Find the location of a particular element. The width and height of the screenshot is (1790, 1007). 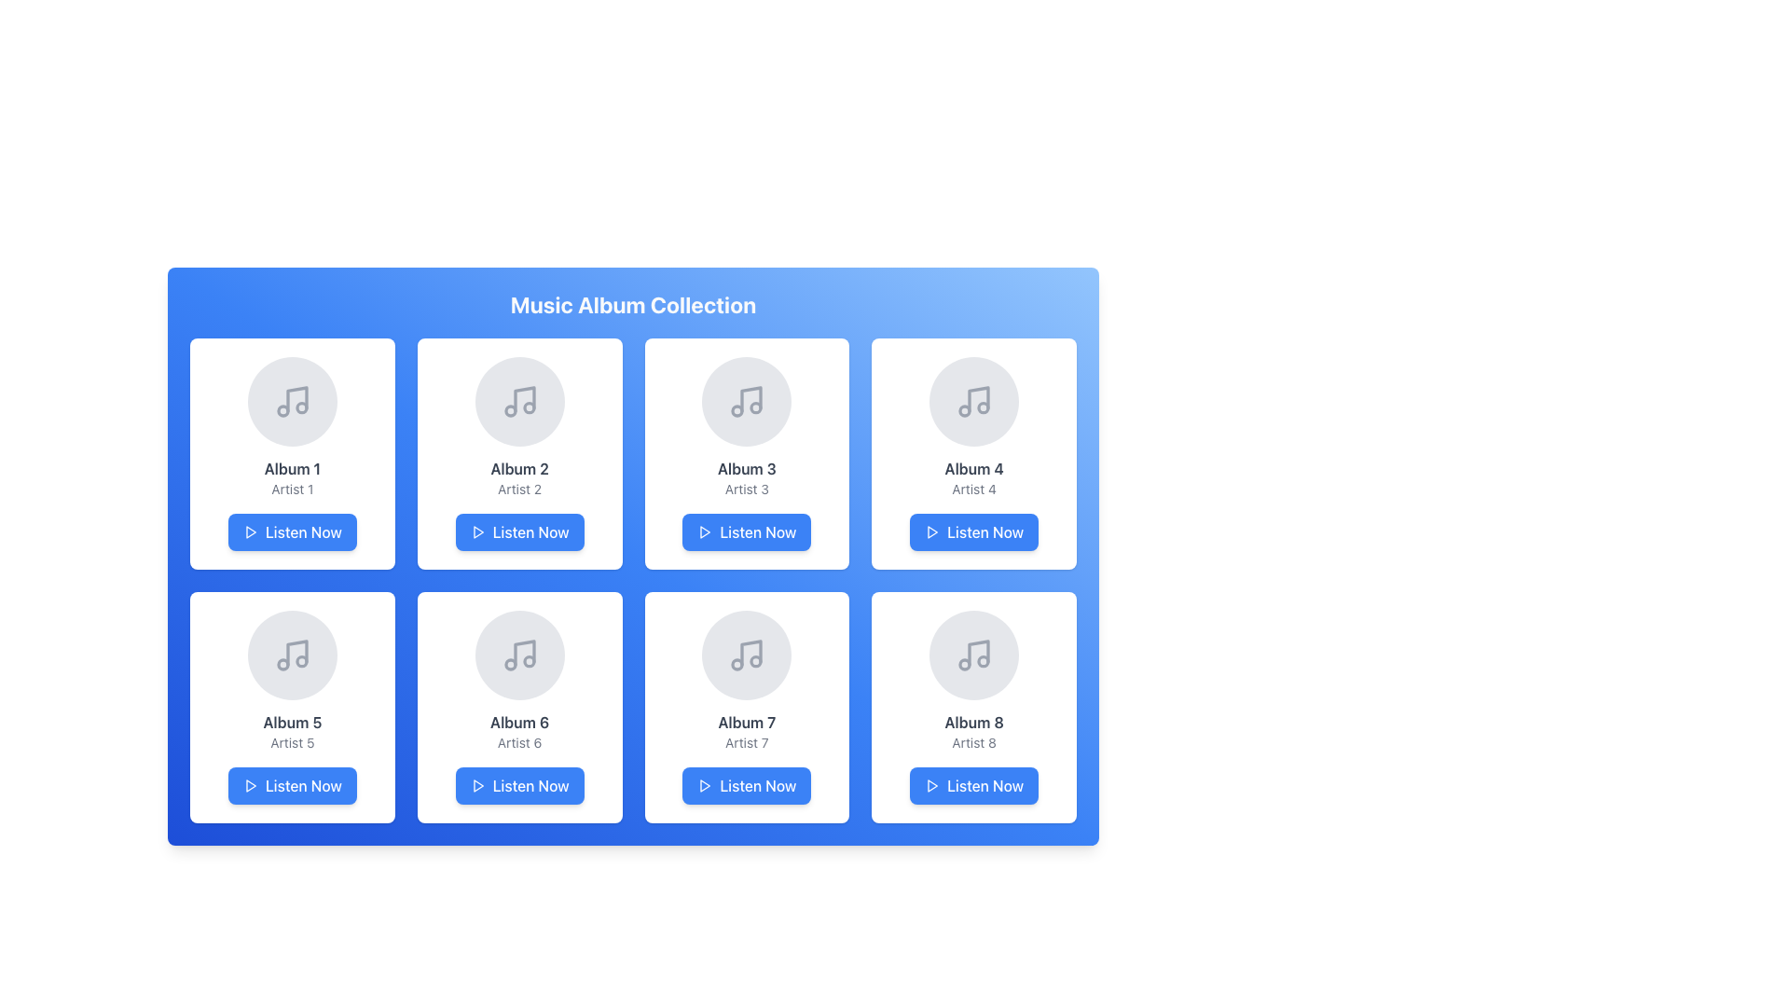

the 'Listen Now' button with a blue background and white text located in the bottom region of the card displaying 'Album 7' and 'Artist 7' in the third row and second column of a grid layout to play content is located at coordinates (747, 786).